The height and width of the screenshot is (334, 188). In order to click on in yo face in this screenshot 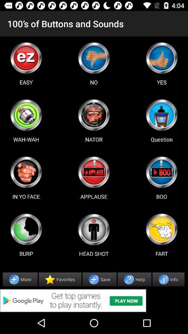, I will do `click(26, 172)`.